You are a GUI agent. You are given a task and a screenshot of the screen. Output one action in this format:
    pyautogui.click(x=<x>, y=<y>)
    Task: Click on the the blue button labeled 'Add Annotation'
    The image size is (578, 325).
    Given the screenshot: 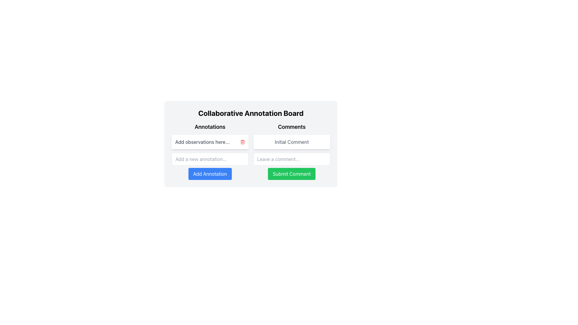 What is the action you would take?
    pyautogui.click(x=210, y=166)
    